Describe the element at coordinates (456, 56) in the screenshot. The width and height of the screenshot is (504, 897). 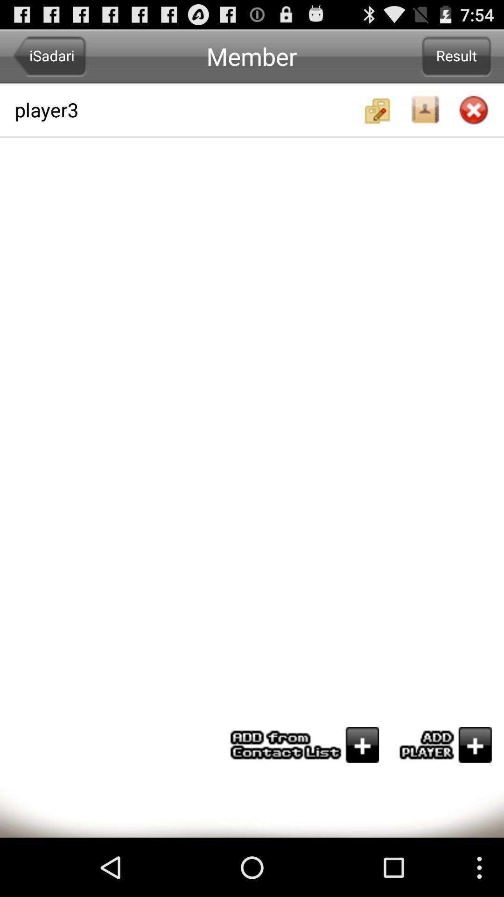
I see `item to the right of player3` at that location.